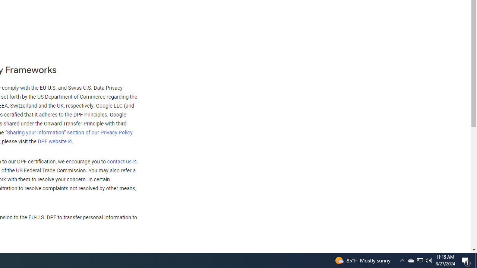 Image resolution: width=477 pixels, height=268 pixels. Describe the element at coordinates (122, 161) in the screenshot. I see `'contact us'` at that location.